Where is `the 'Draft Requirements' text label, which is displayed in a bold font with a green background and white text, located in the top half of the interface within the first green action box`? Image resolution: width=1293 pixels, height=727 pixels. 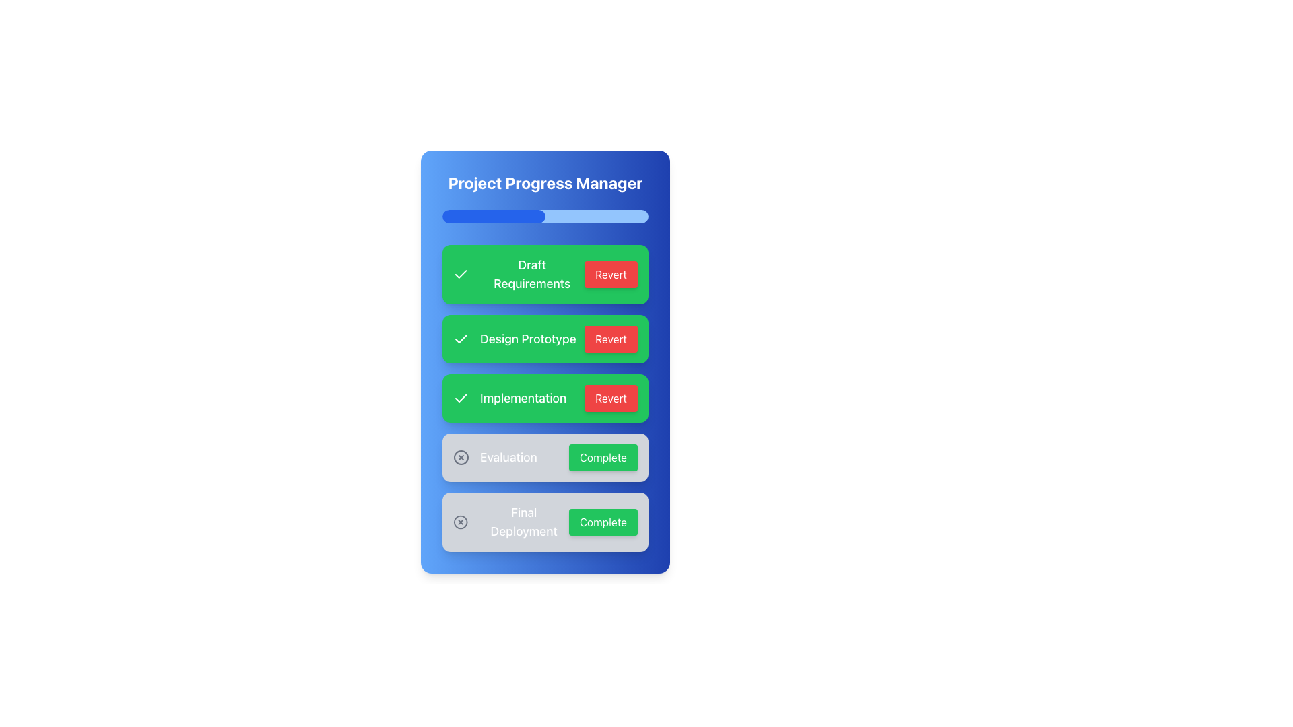
the 'Draft Requirements' text label, which is displayed in a bold font with a green background and white text, located in the top half of the interface within the first green action box is located at coordinates (531, 274).